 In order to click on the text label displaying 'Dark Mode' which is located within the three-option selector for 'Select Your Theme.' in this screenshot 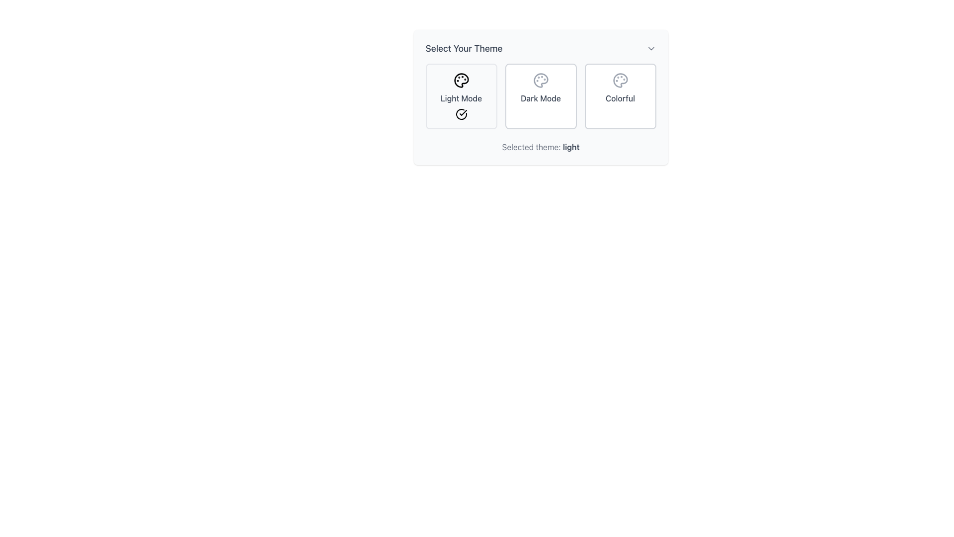, I will do `click(540, 98)`.